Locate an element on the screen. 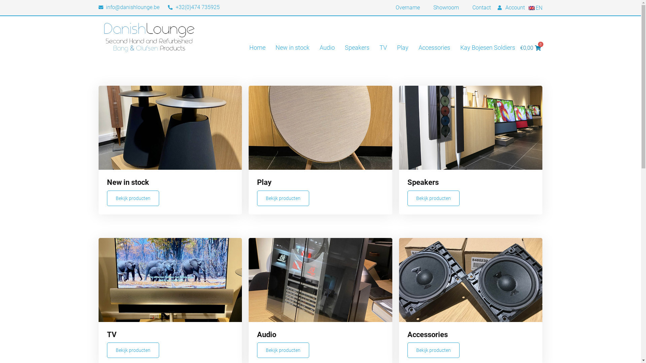  'Overname' is located at coordinates (407, 8).